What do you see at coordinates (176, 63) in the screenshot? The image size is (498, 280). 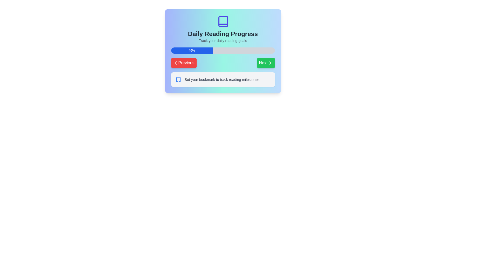 I see `the left-oriented chevron icon within the 'Previous' button, which has a red background and white text, to trigger any hover effects` at bounding box center [176, 63].